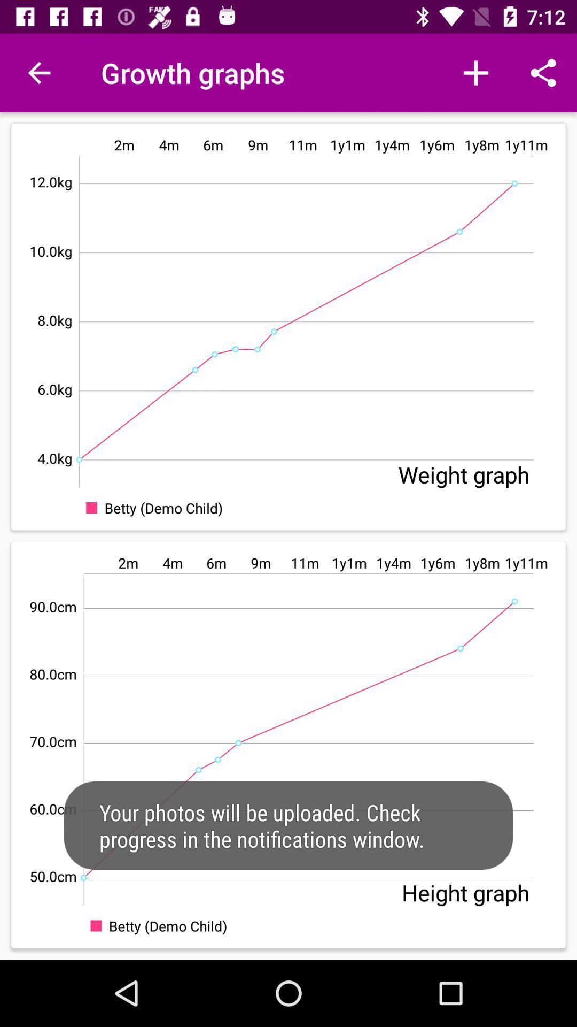 The width and height of the screenshot is (577, 1027). Describe the element at coordinates (38, 72) in the screenshot. I see `the item at the top left corner` at that location.